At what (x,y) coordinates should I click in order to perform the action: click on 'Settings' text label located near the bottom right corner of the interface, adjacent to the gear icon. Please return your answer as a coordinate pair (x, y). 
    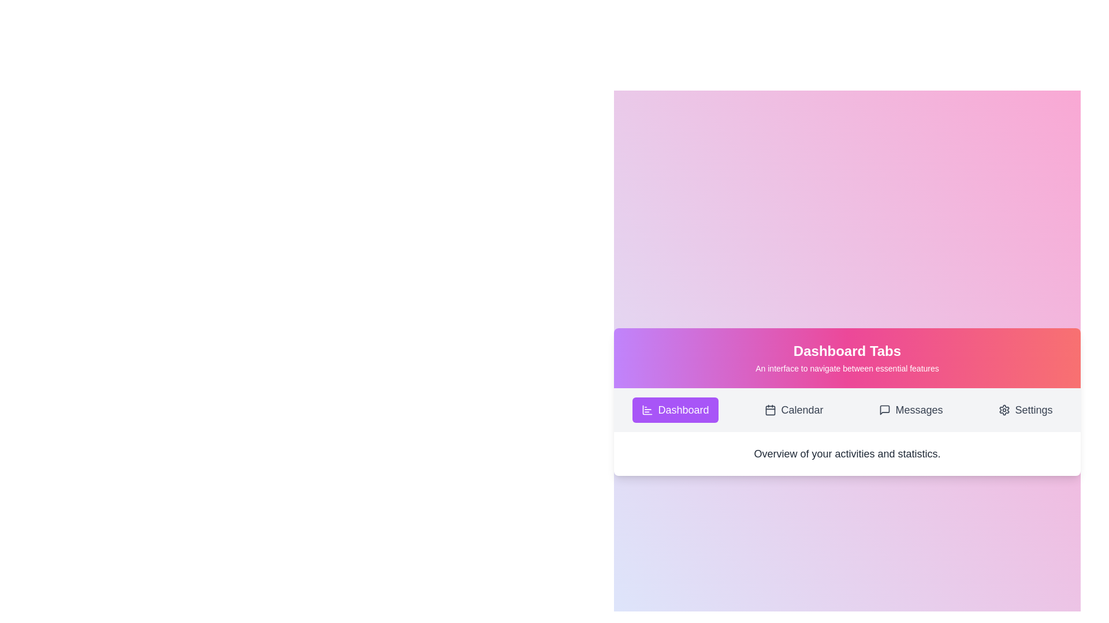
    Looking at the image, I should click on (1034, 409).